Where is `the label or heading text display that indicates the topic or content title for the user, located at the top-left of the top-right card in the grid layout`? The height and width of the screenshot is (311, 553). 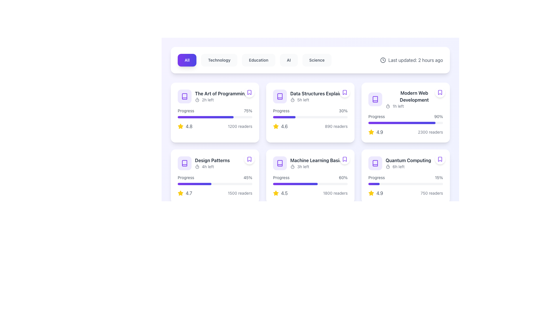
the label or heading text display that indicates the topic or content title for the user, located at the top-left of the top-right card in the grid layout is located at coordinates (414, 96).